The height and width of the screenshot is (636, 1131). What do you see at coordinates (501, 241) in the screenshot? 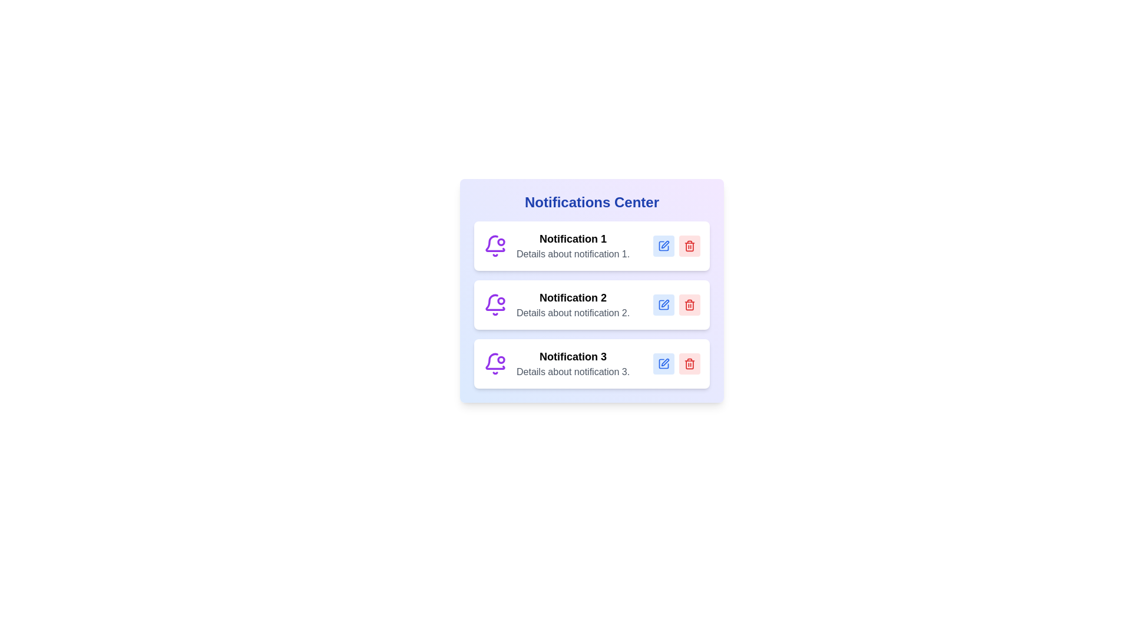
I see `the circular decorative dot that serves as a notification indicator, located on the top-right quadrant of the bell icon in the 'Notification 1' layout row` at bounding box center [501, 241].